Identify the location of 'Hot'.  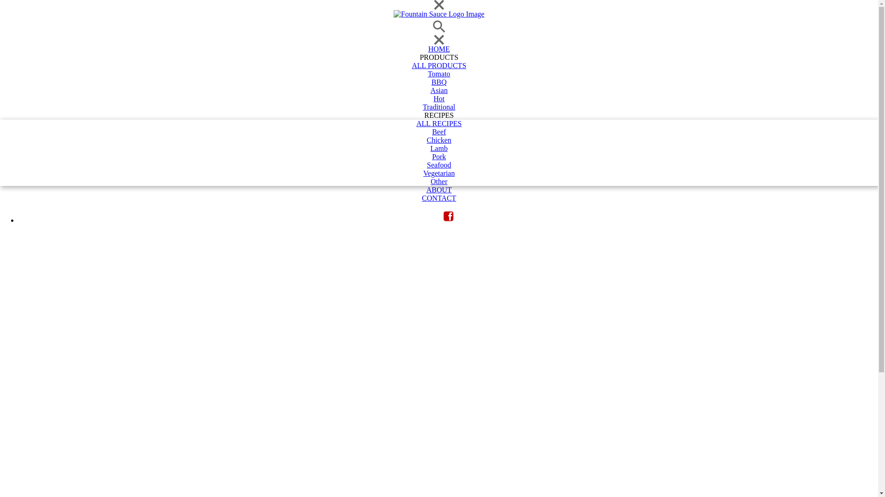
(438, 99).